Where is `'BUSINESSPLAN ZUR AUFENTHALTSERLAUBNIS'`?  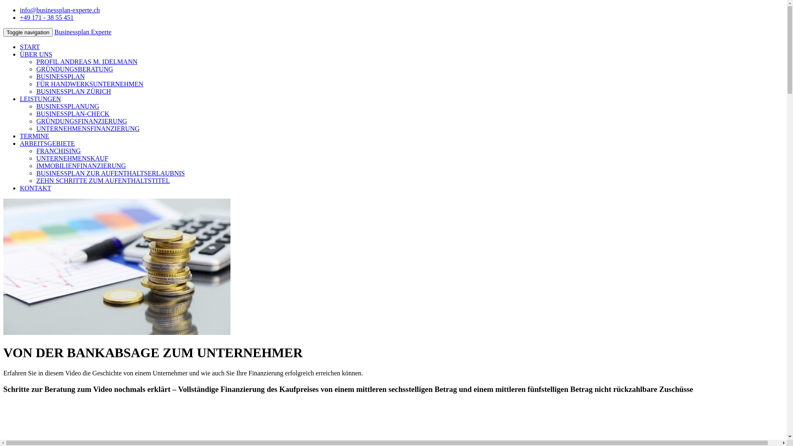
'BUSINESSPLAN ZUR AUFENTHALTSERLAUBNIS' is located at coordinates (110, 173).